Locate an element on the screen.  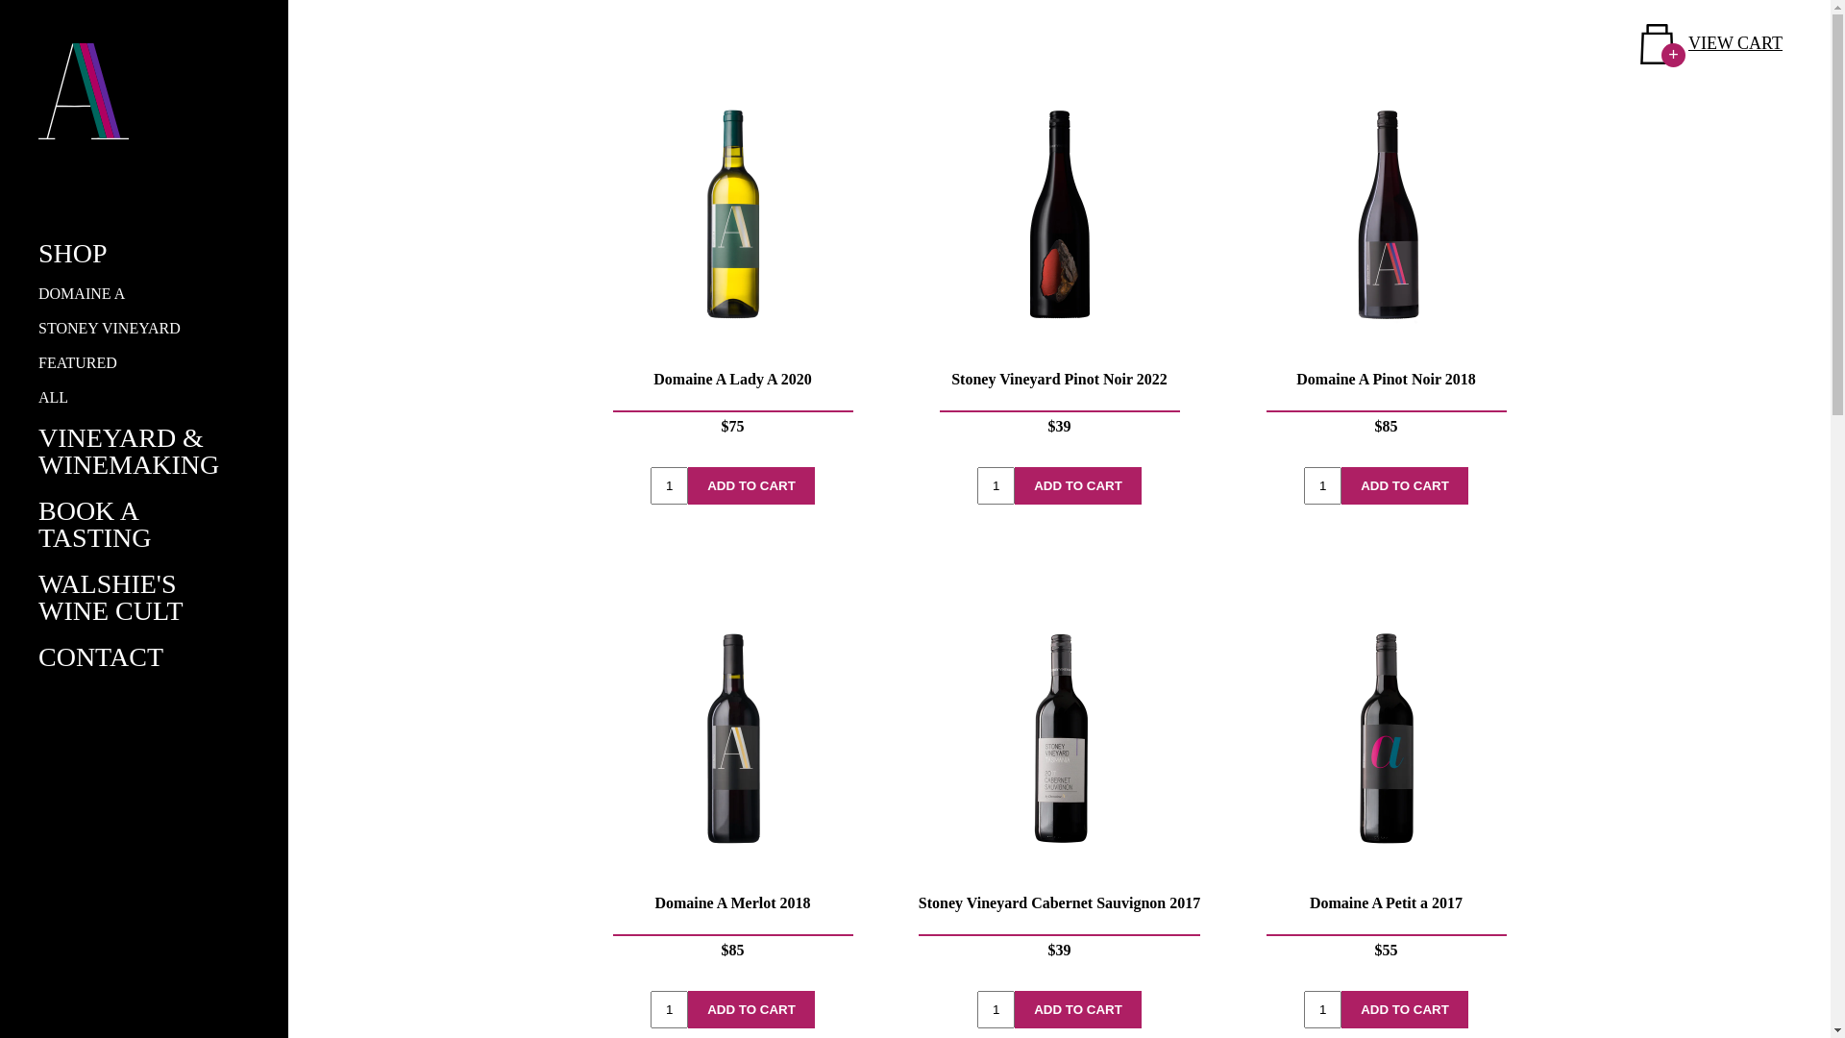
'ADD TO CART' is located at coordinates (1078, 484).